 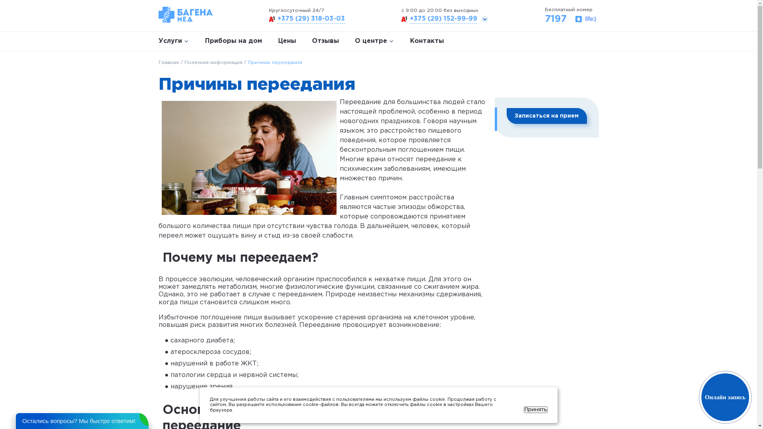 I want to click on '7197', so click(x=570, y=18).